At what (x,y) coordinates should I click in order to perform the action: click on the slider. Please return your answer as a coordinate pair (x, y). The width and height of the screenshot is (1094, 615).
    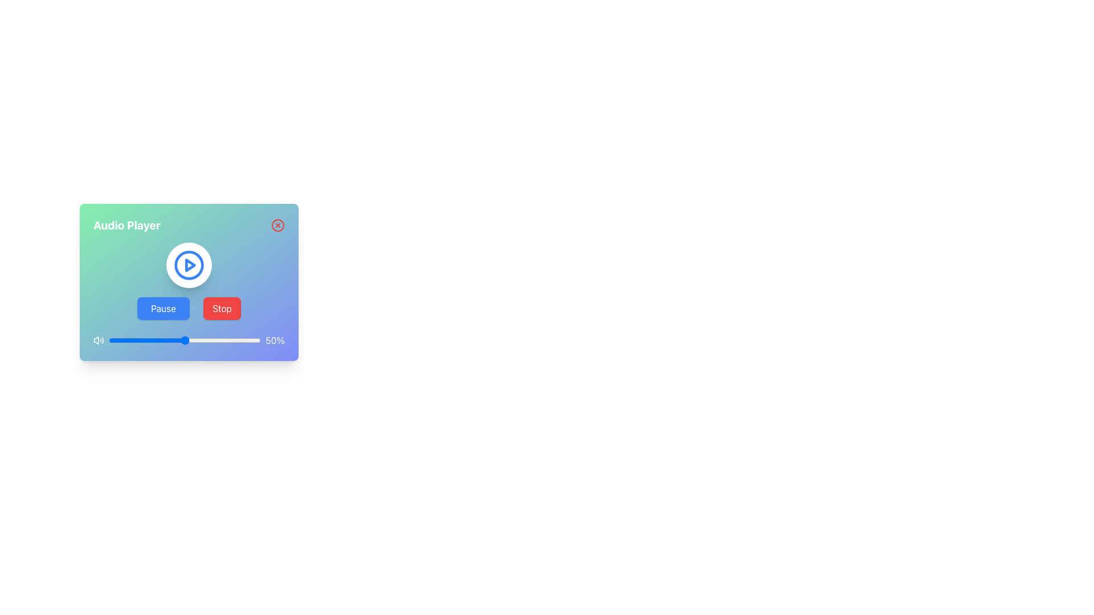
    Looking at the image, I should click on (183, 339).